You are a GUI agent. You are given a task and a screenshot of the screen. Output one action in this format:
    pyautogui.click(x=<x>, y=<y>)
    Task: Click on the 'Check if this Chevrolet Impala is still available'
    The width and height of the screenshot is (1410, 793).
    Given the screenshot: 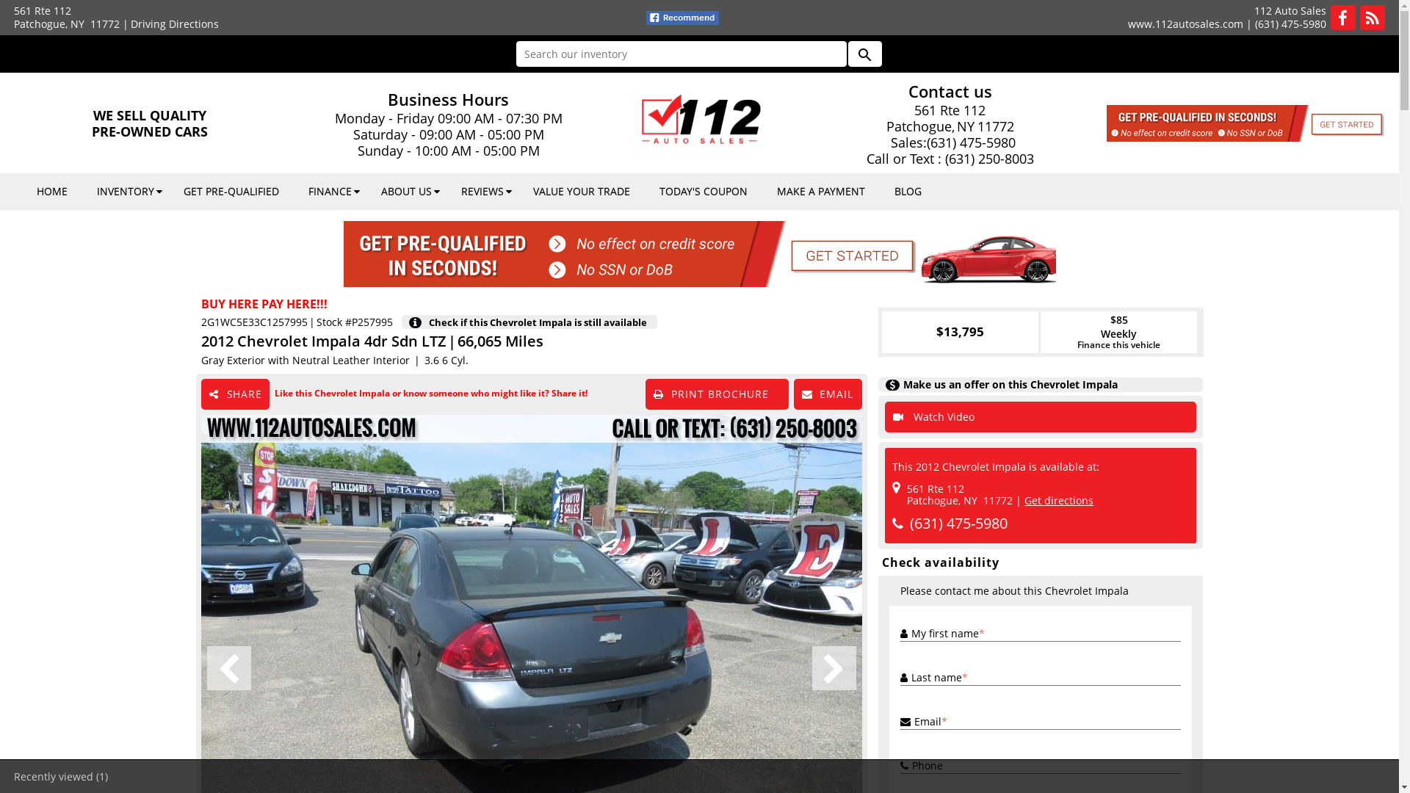 What is the action you would take?
    pyautogui.click(x=540, y=321)
    